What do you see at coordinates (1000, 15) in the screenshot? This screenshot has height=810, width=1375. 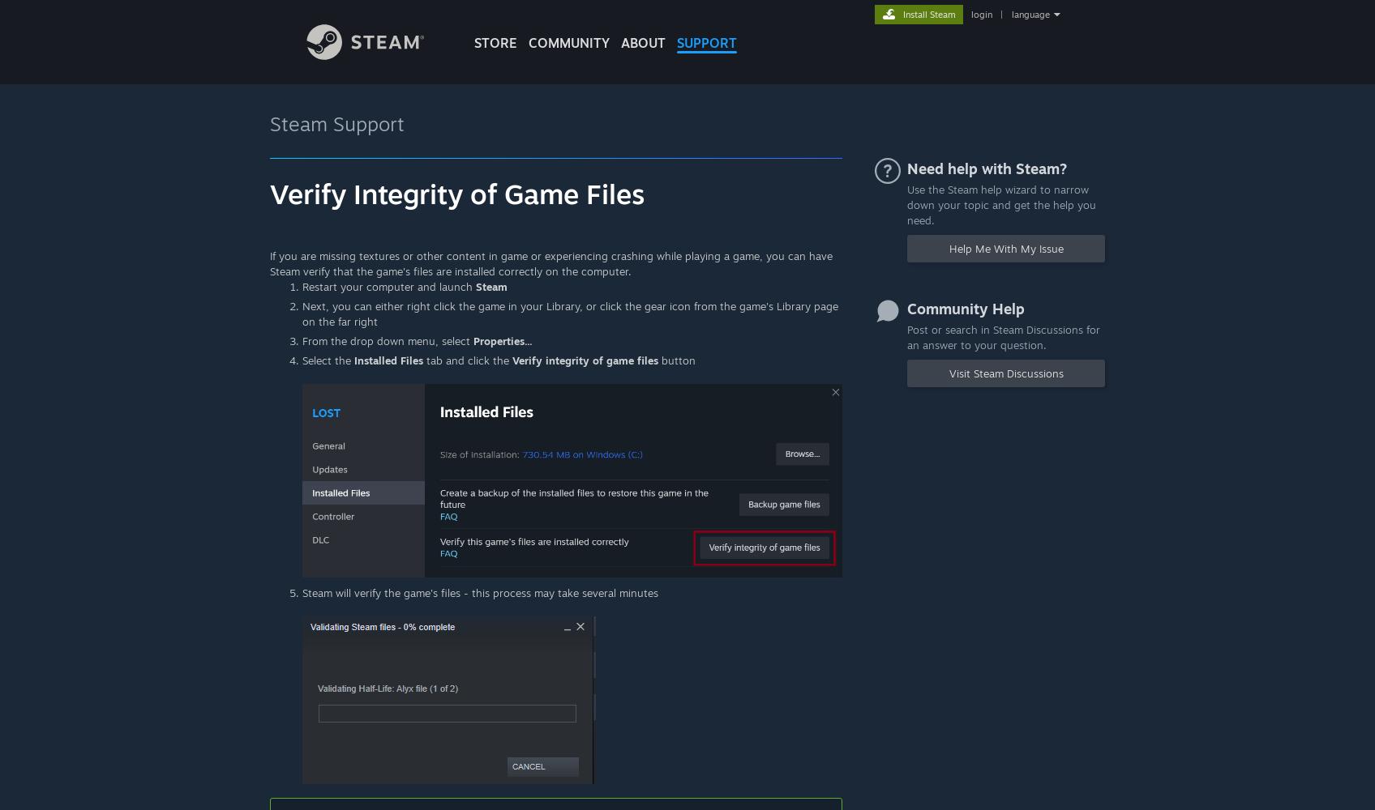 I see `'|'` at bounding box center [1000, 15].